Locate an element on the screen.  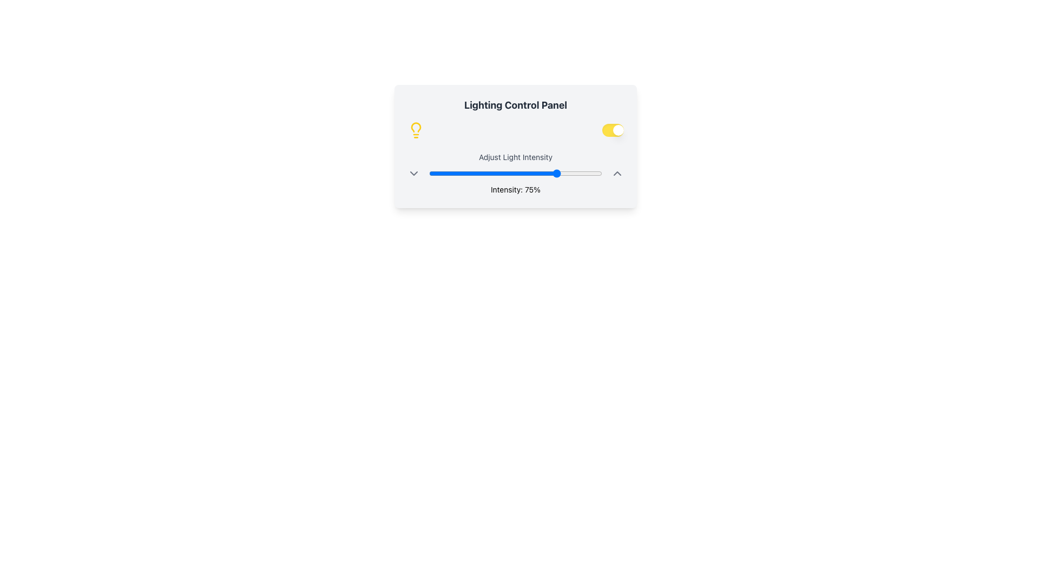
the chevron-up icon button located at the far-right end of the horizontal layout grouping is located at coordinates (617, 172).